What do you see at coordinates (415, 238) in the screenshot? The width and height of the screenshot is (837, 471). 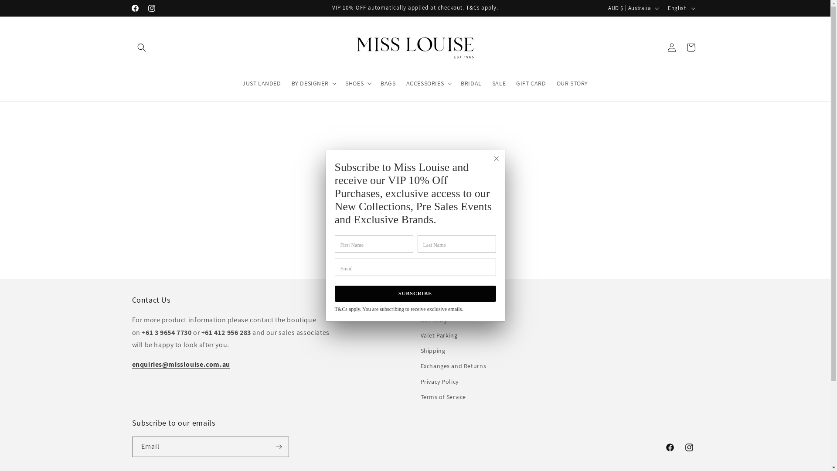 I see `'Continue shopping'` at bounding box center [415, 238].